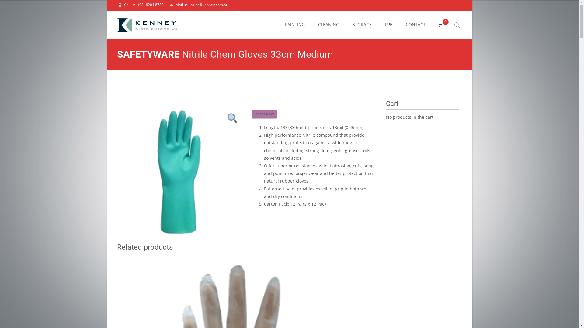  I want to click on '0', so click(440, 24).